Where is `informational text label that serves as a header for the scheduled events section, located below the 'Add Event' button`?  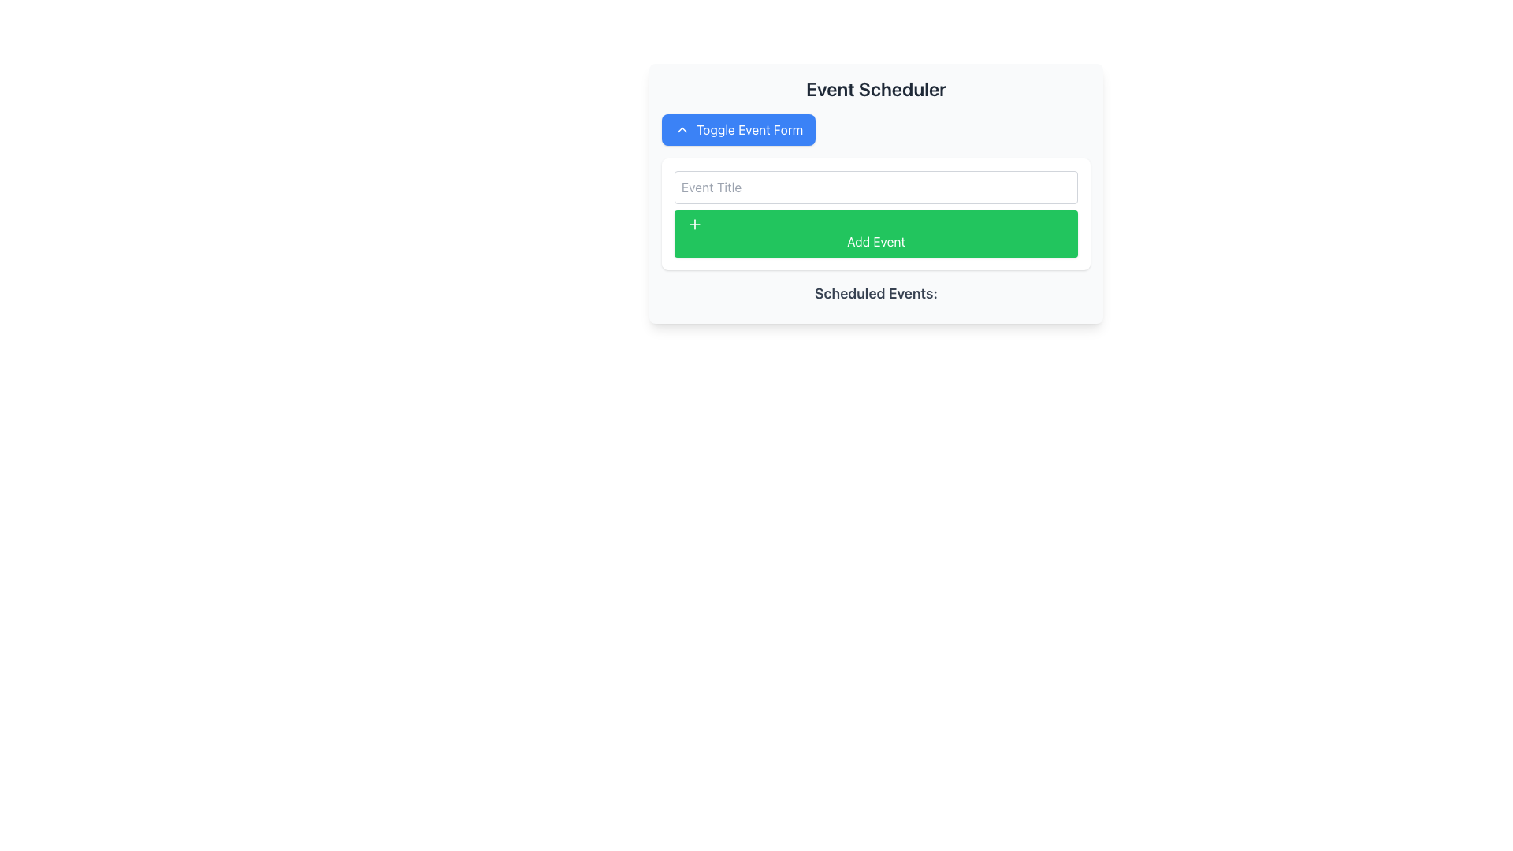
informational text label that serves as a header for the scheduled events section, located below the 'Add Event' button is located at coordinates (875, 294).